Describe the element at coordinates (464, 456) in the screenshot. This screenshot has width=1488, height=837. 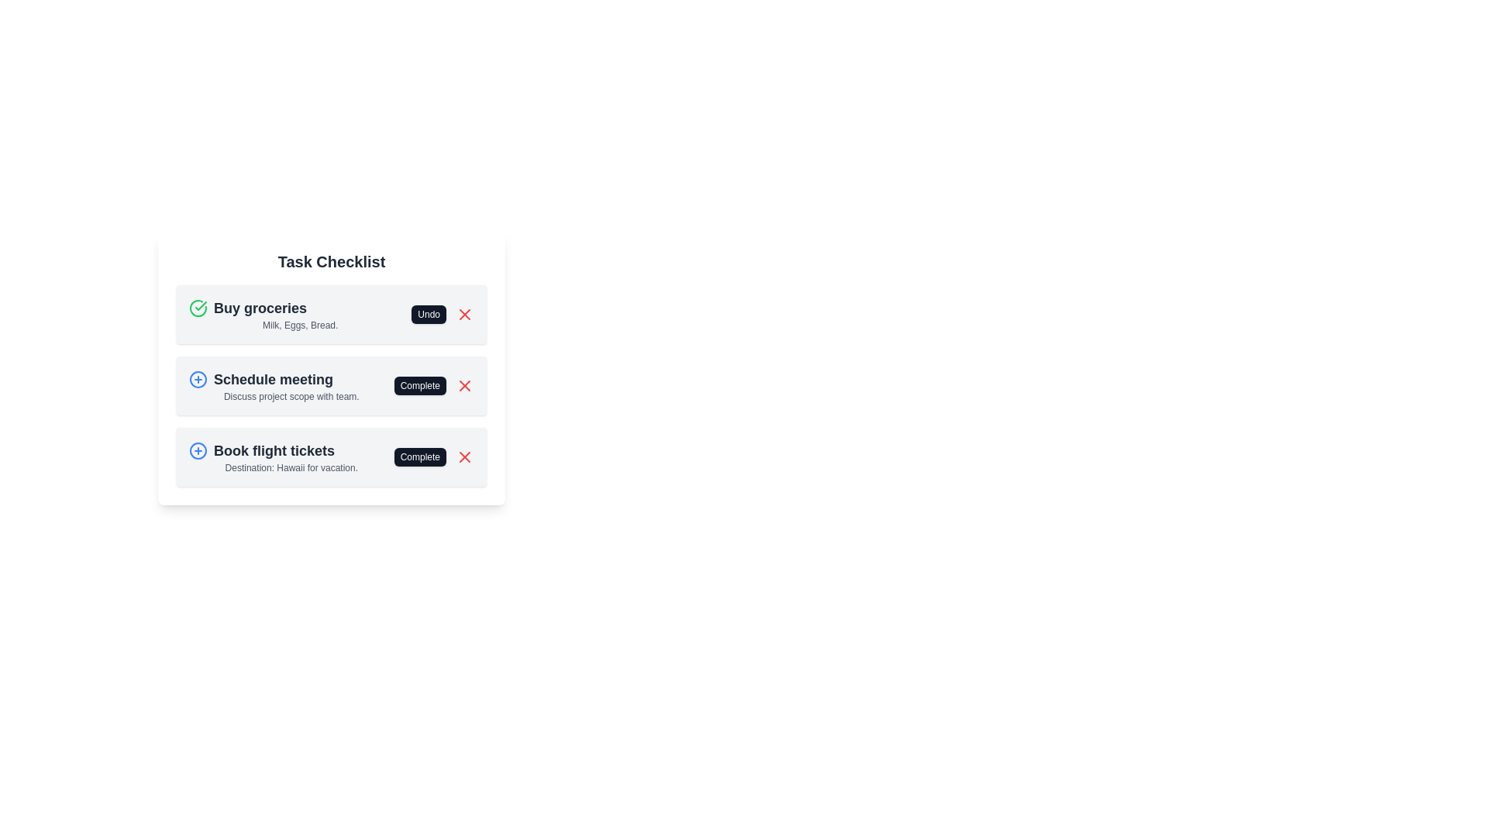
I see `remove button for the task 'Book flight tickets'` at that location.